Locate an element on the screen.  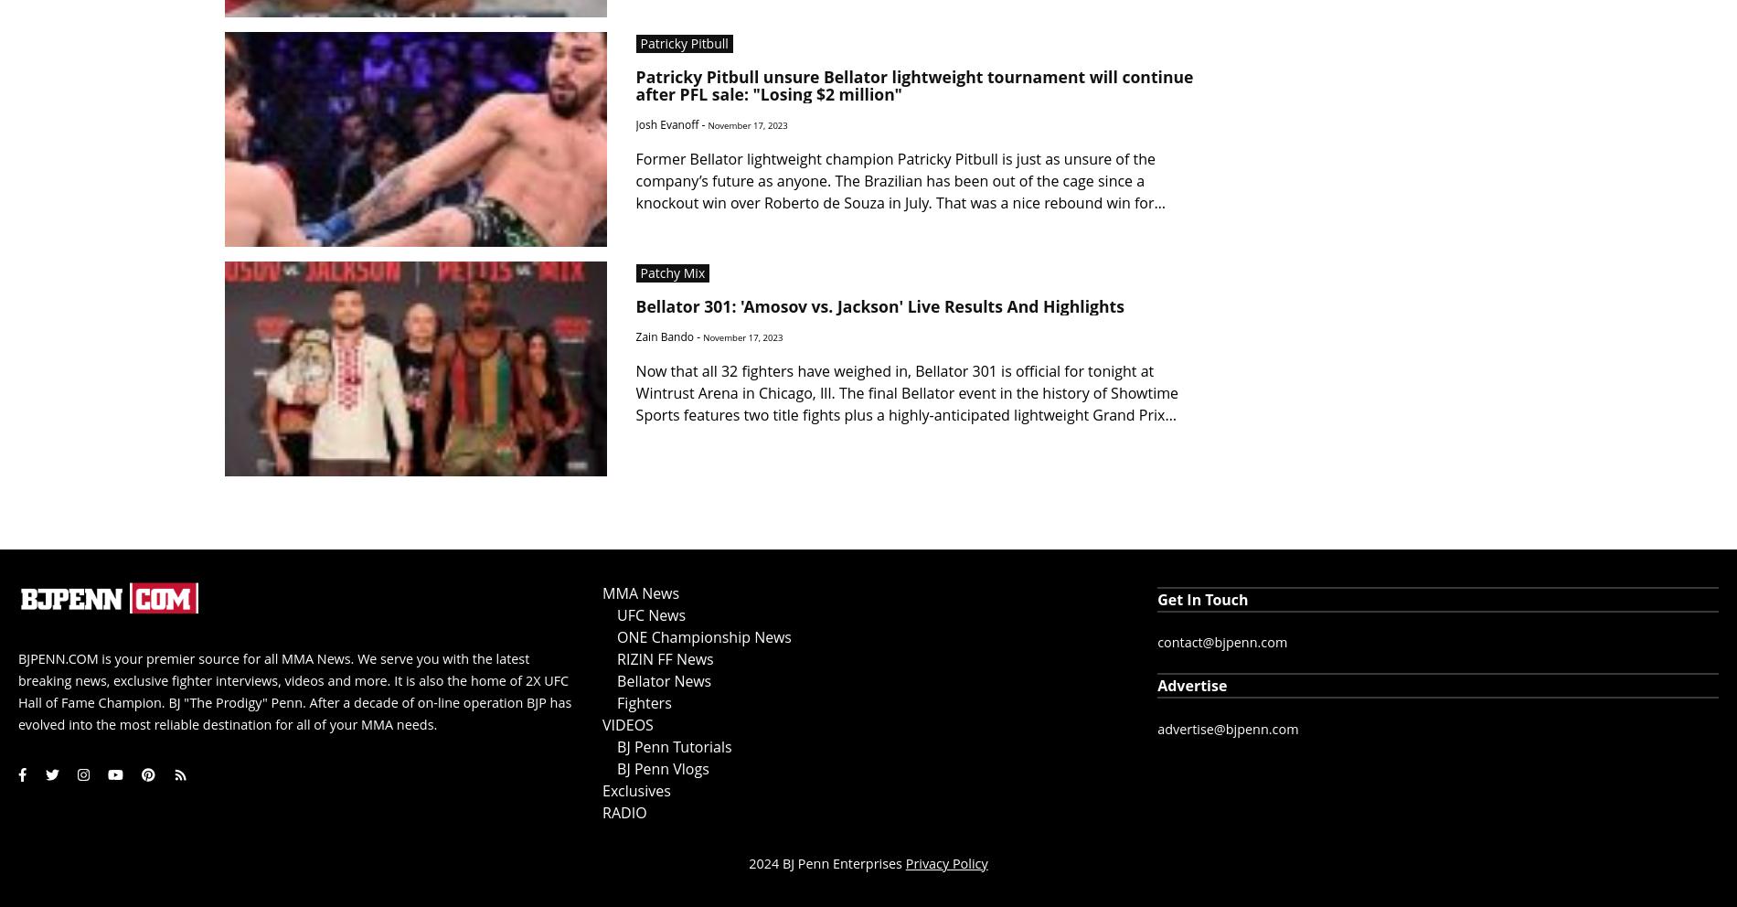
'BJ Penn Tutorials' is located at coordinates (673, 746).